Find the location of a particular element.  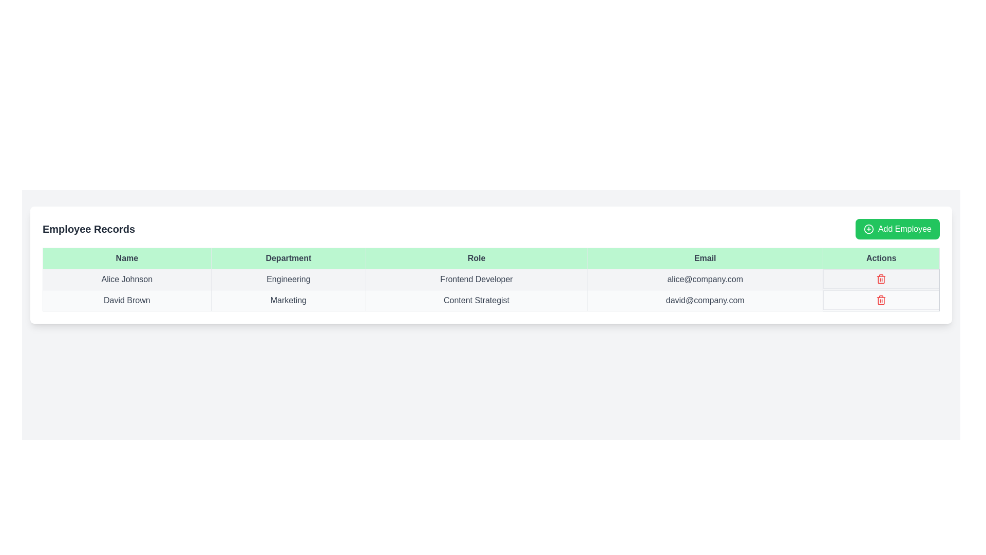

the text label displaying the word 'Engineering', which is styled with padding and a bordered design, located in the 'Department' column under the row associated with 'Alice Johnson' is located at coordinates (288, 279).